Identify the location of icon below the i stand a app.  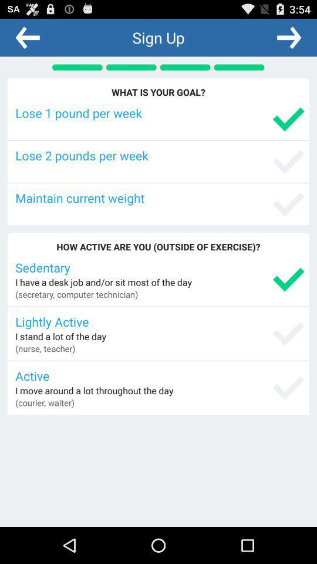
(45, 348).